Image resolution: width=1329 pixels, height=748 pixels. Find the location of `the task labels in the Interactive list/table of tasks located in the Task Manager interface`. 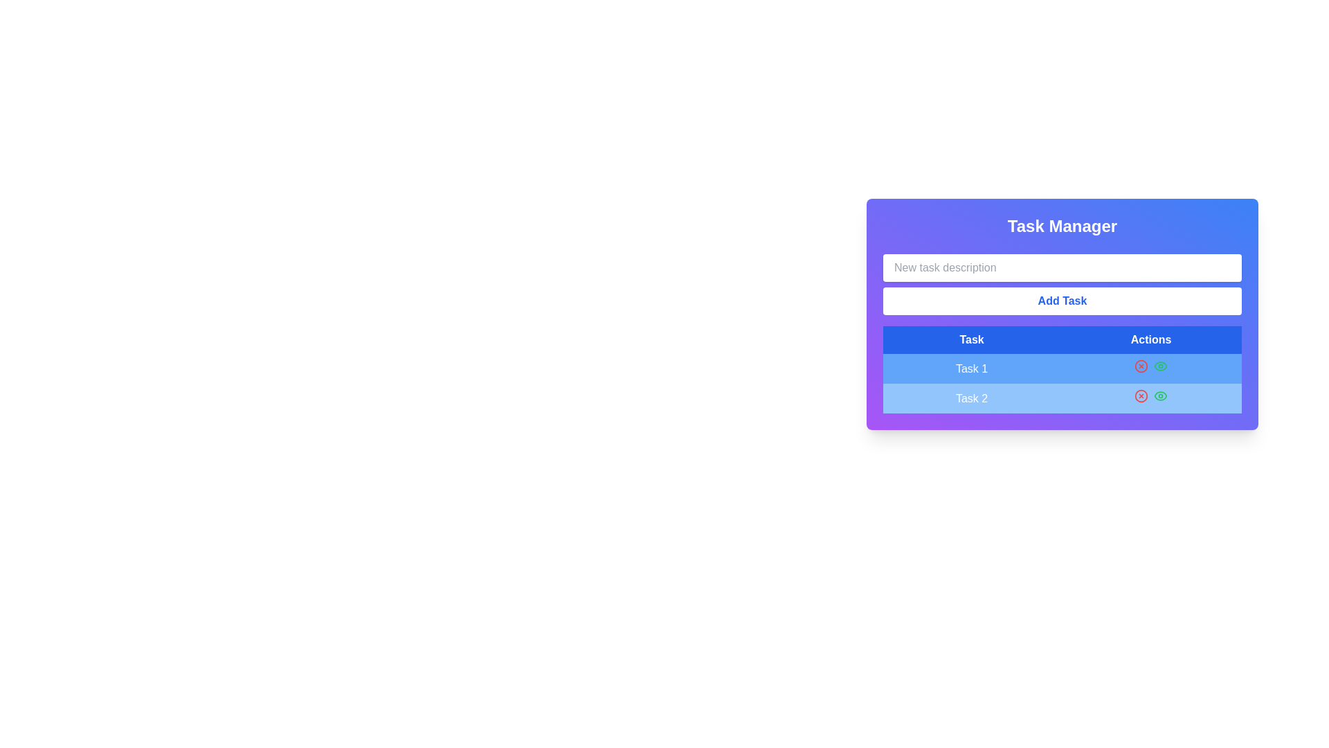

the task labels in the Interactive list/table of tasks located in the Task Manager interface is located at coordinates (1062, 384).